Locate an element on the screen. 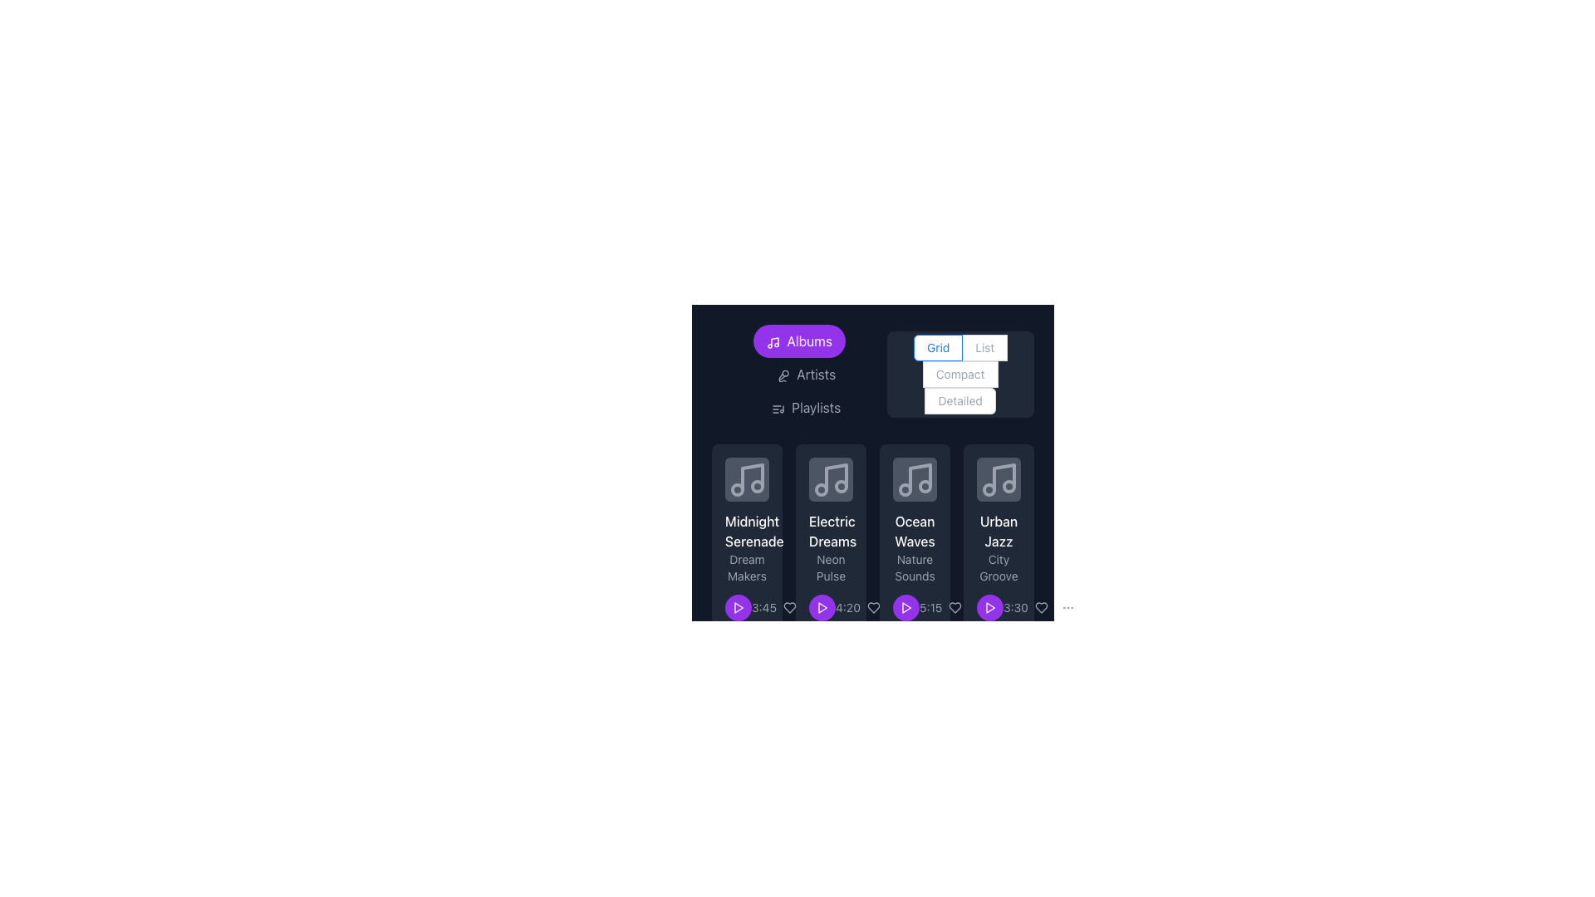 The height and width of the screenshot is (897, 1595). the time label located in the third column of the audio track grid layout, positioned below the play button and aligned with the heart icon is located at coordinates (930, 608).